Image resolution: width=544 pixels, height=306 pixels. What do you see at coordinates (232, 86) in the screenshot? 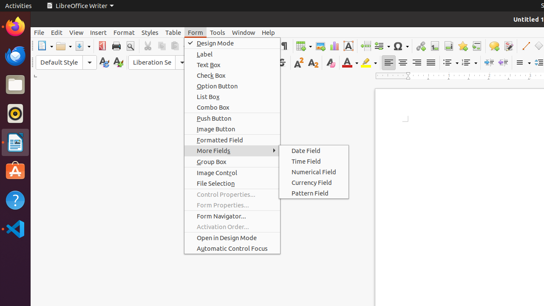
I see `'Option Button'` at bounding box center [232, 86].